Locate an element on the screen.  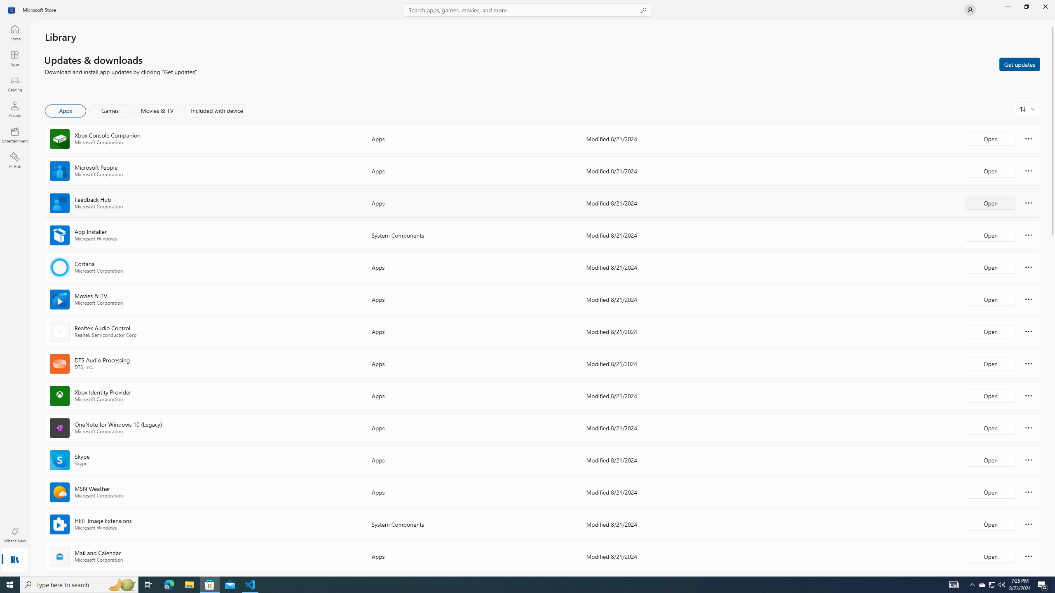
'Vertical' is located at coordinates (1052, 298).